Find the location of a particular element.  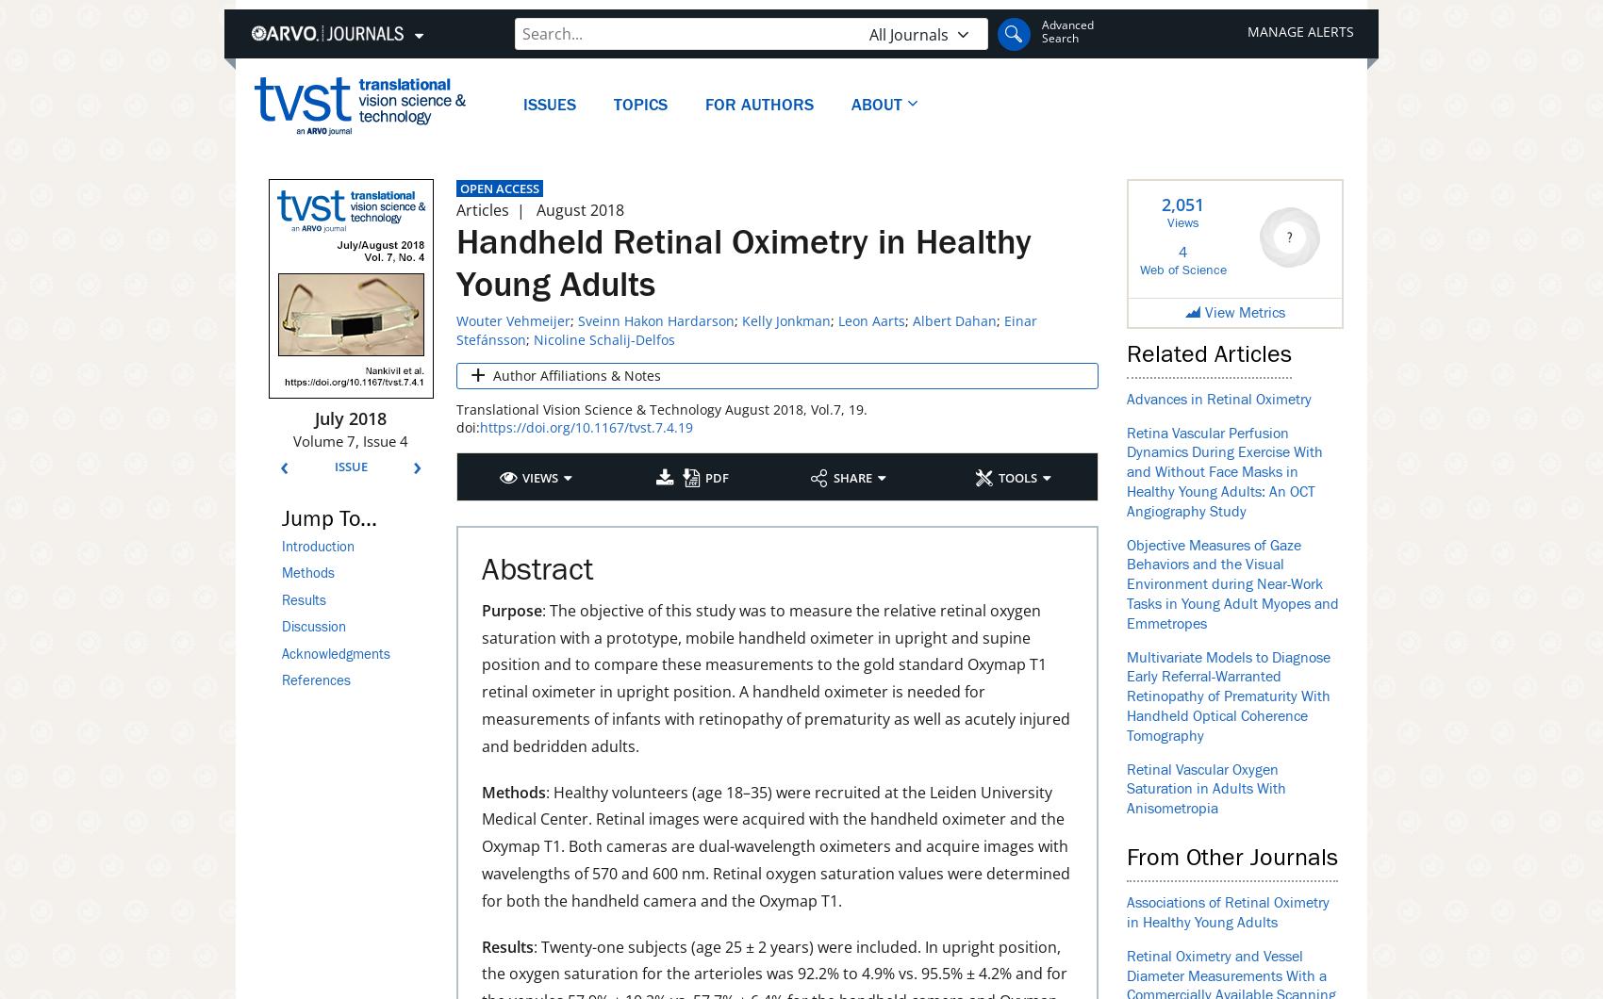

'tvst' is located at coordinates (282, 89).